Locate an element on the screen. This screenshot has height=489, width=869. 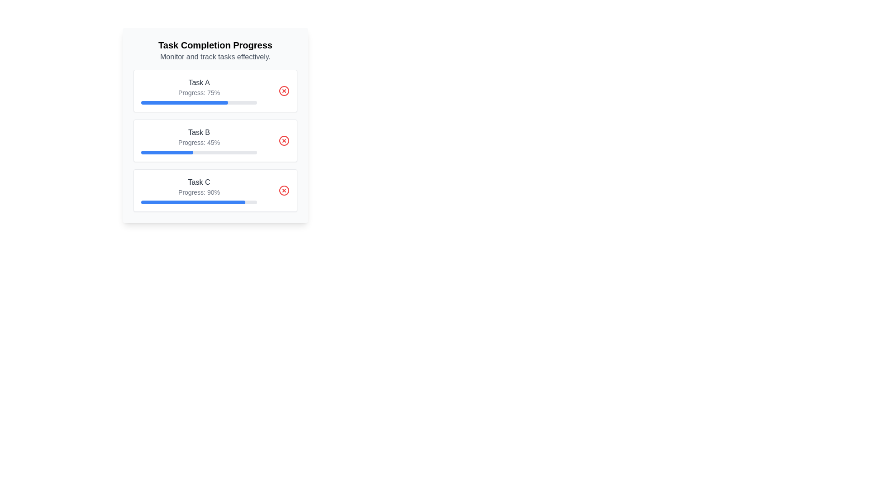
the progress bar indicating 75% completion for 'Task A' in the upper section of the layout is located at coordinates (184, 102).